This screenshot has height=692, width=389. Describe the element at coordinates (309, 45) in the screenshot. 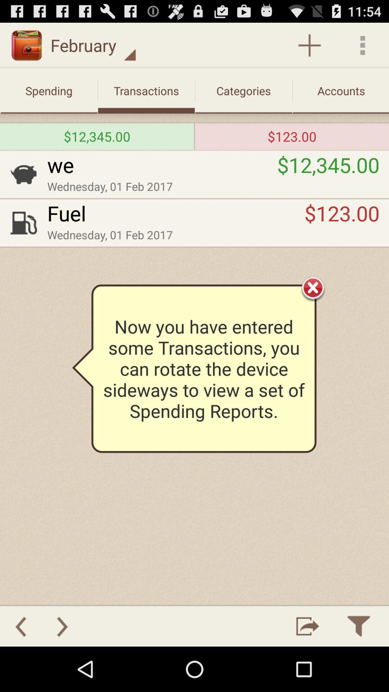

I see `feature` at that location.